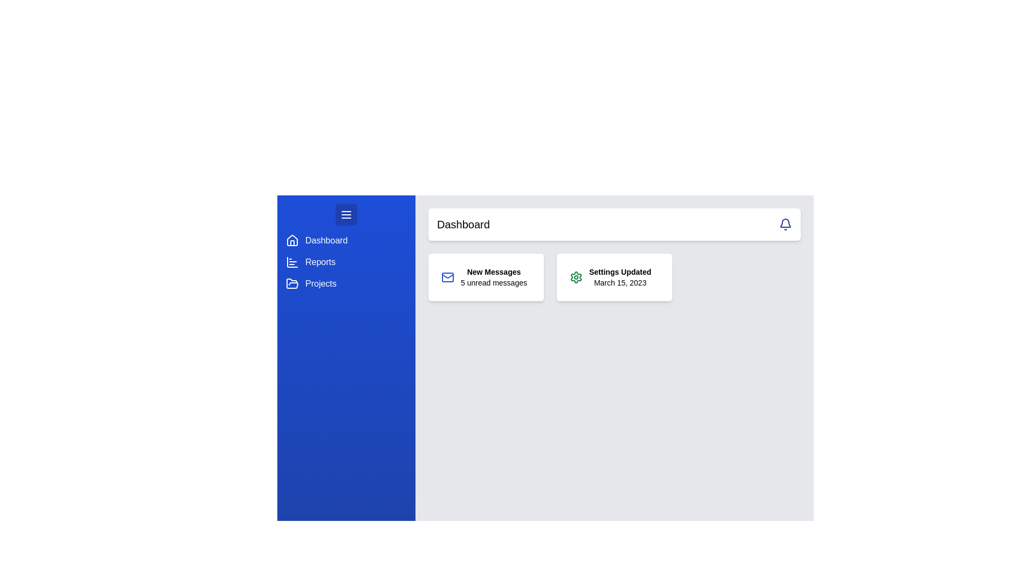  I want to click on the 'Projects' icon in the navigation menu, so click(292, 283).